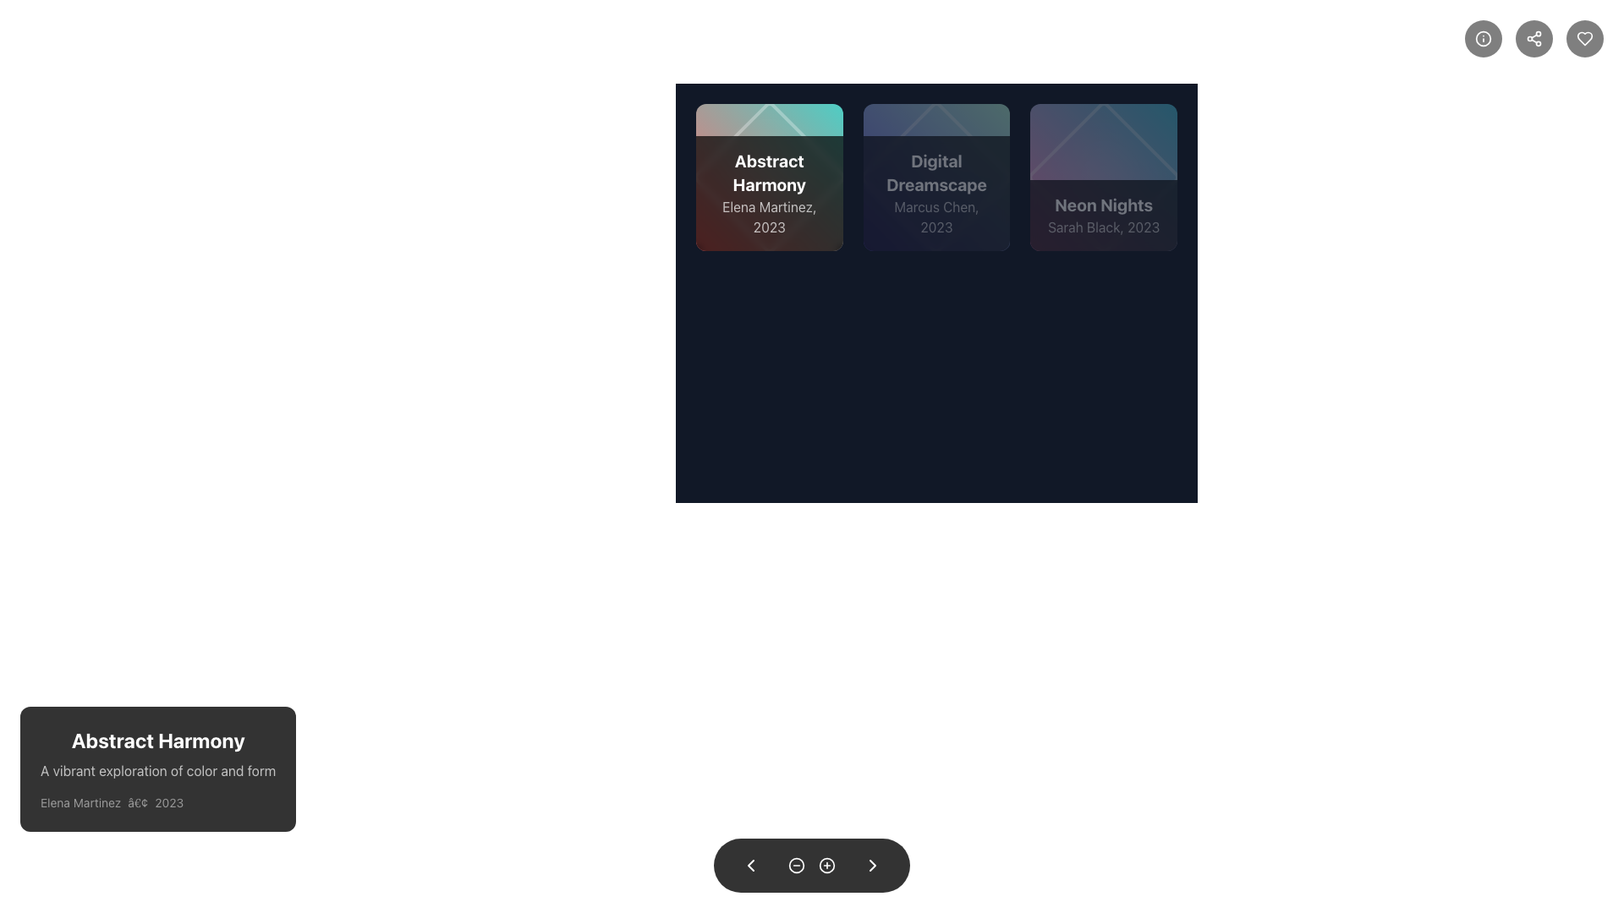  What do you see at coordinates (158, 770) in the screenshot?
I see `text content displayed in the text-based component that says 'A vibrant exploration of color and form', which is located below the title 'Abstract Harmony' and above the text 'Elena Martinez • 2023'` at bounding box center [158, 770].